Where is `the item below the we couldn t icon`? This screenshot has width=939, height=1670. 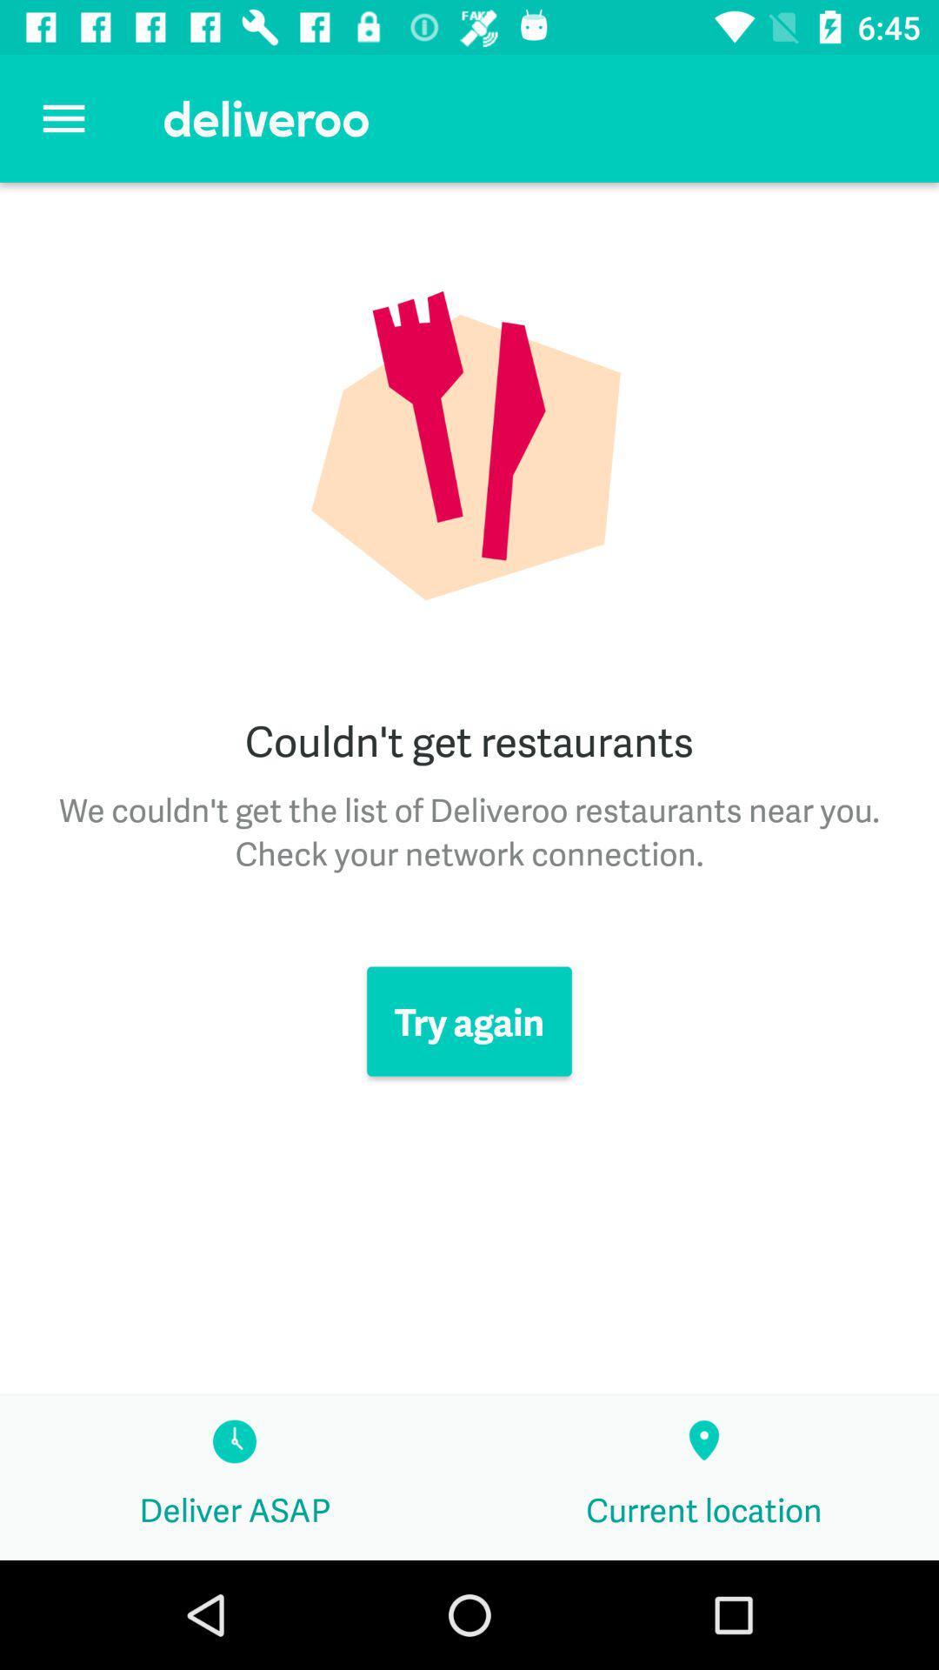 the item below the we couldn t icon is located at coordinates (469, 1021).